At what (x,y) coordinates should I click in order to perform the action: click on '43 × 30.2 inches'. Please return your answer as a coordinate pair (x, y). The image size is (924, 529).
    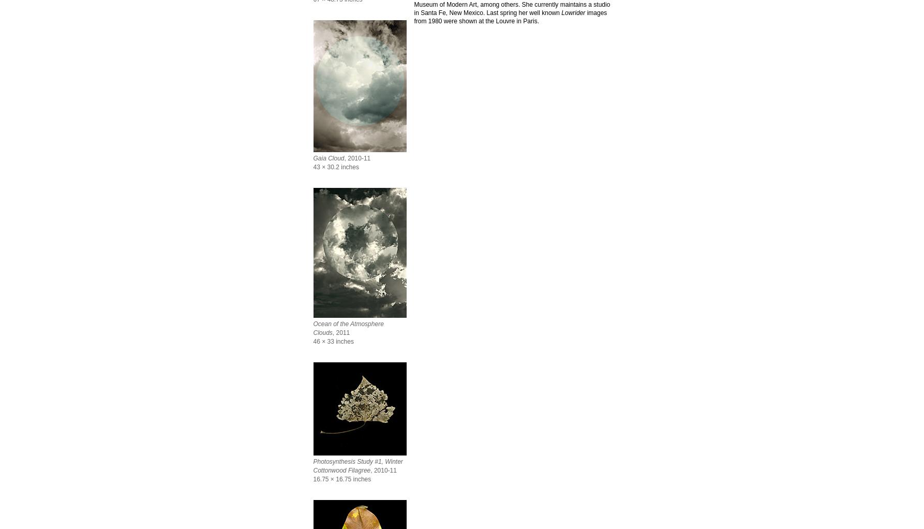
    Looking at the image, I should click on (336, 166).